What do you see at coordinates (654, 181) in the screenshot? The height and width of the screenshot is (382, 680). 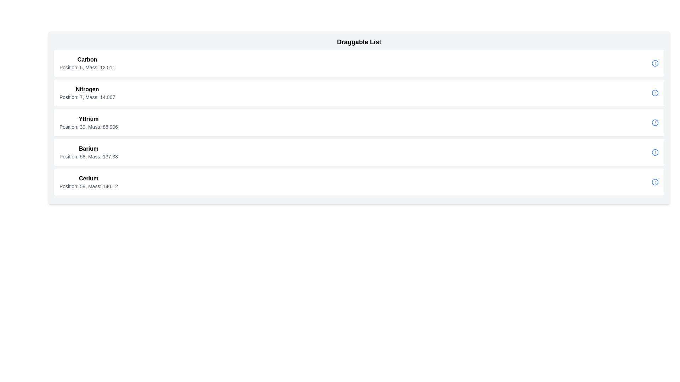 I see `the innermost circular component of the SVG icon representing an alert or information status located at the far-right end of the 'Cerium' list item` at bounding box center [654, 181].